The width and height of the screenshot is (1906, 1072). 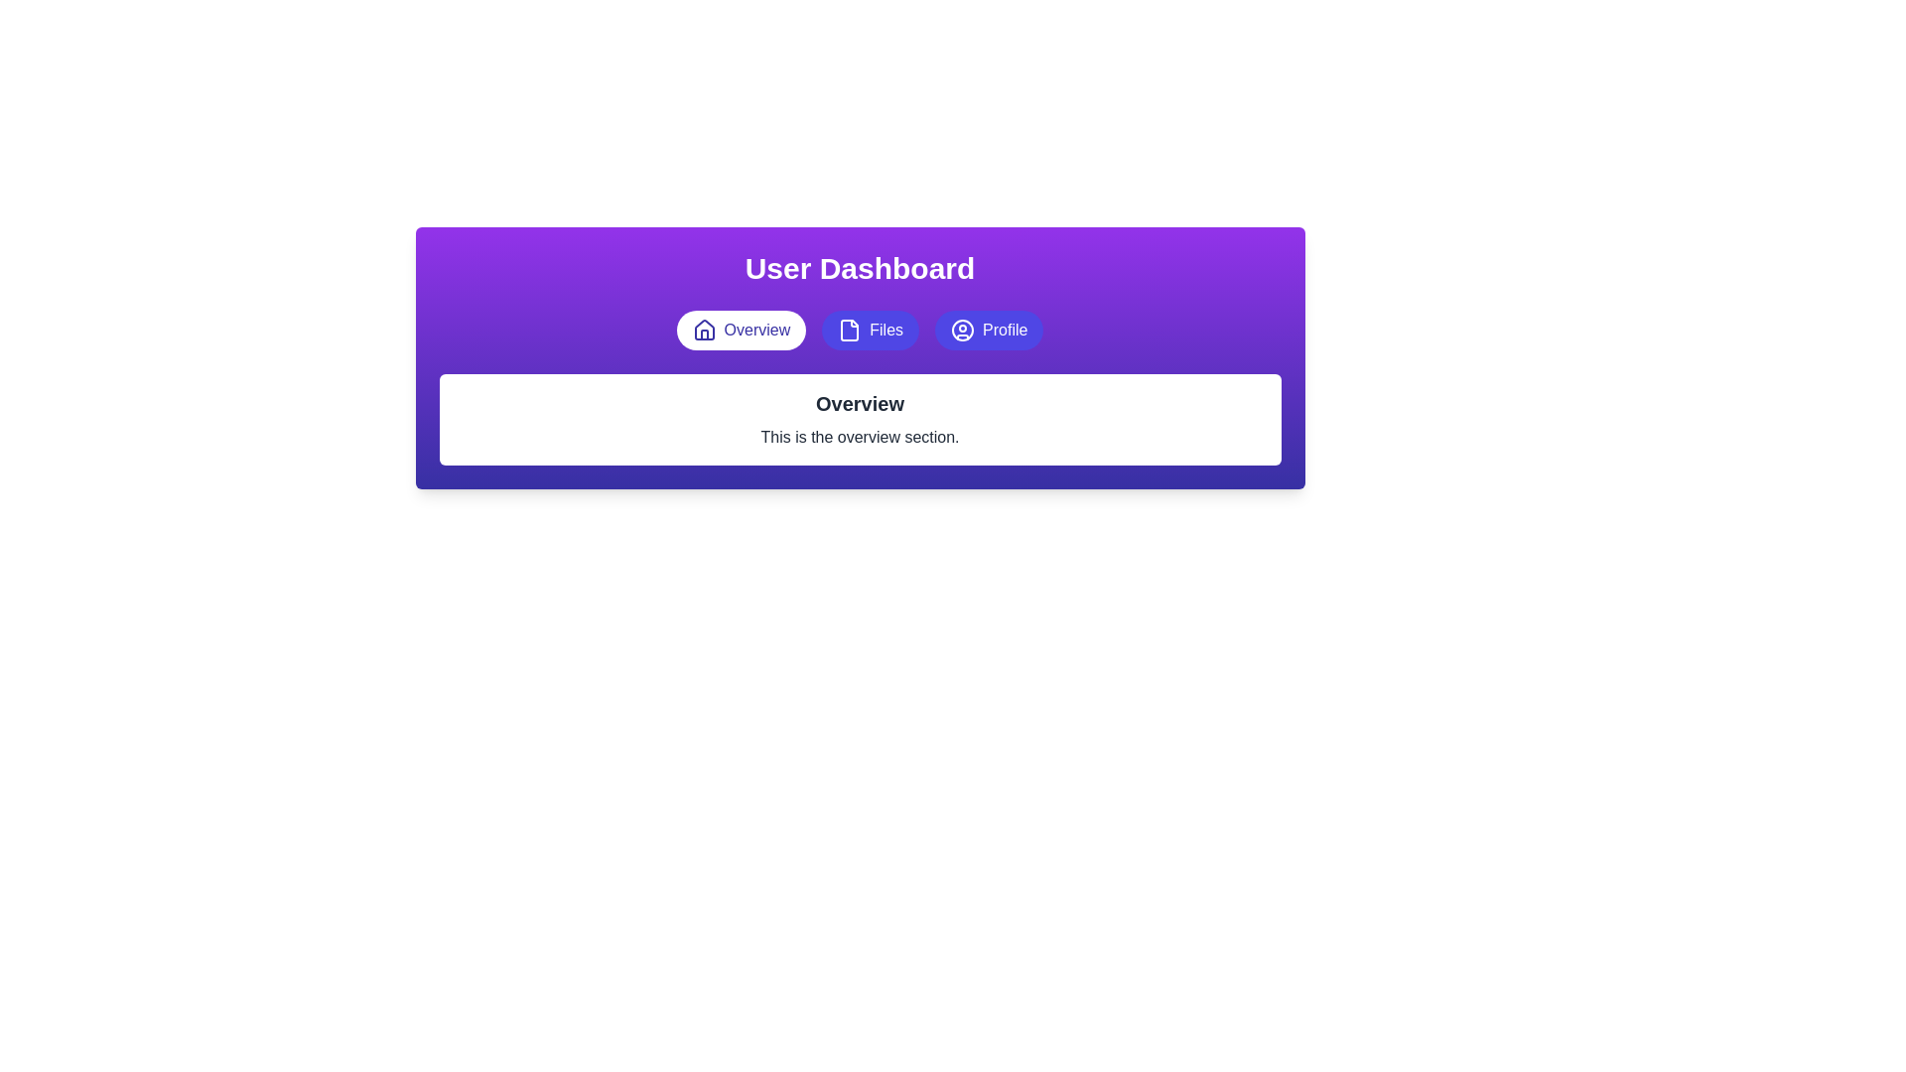 What do you see at coordinates (860, 419) in the screenshot?
I see `the text block that contains the bold title 'Overview' and the subtitle 'This is the overview section.'` at bounding box center [860, 419].